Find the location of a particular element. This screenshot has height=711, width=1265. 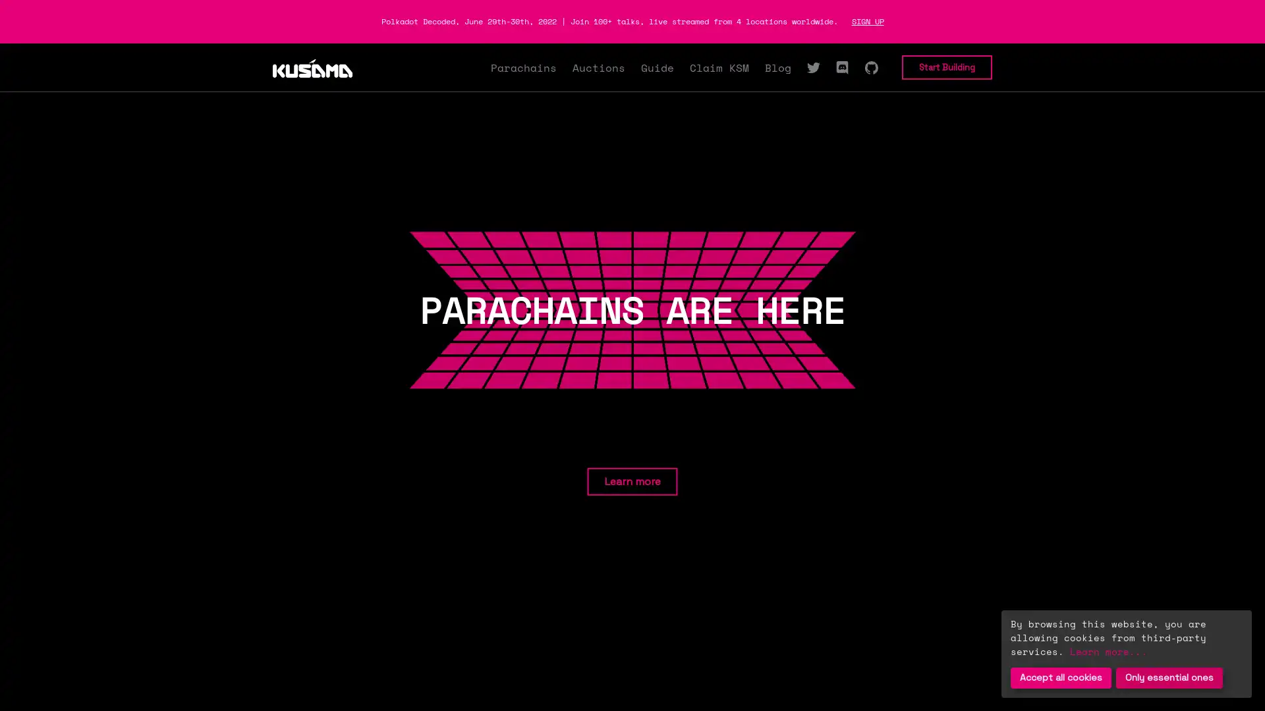

Accept all cookies is located at coordinates (1061, 677).